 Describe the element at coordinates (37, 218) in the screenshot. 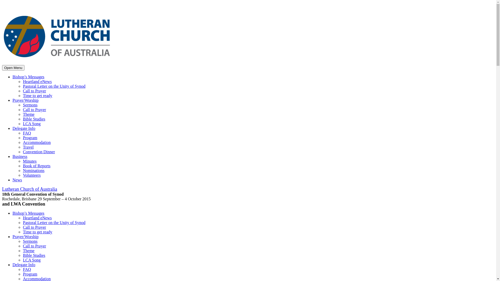

I see `'Heartland eNews'` at that location.